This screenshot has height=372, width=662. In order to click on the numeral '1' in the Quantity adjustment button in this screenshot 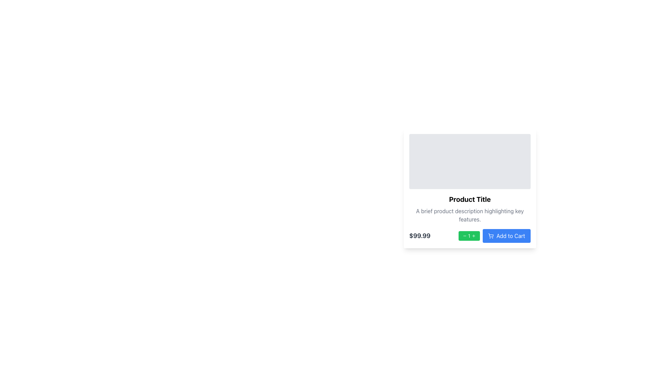, I will do `click(469, 236)`.